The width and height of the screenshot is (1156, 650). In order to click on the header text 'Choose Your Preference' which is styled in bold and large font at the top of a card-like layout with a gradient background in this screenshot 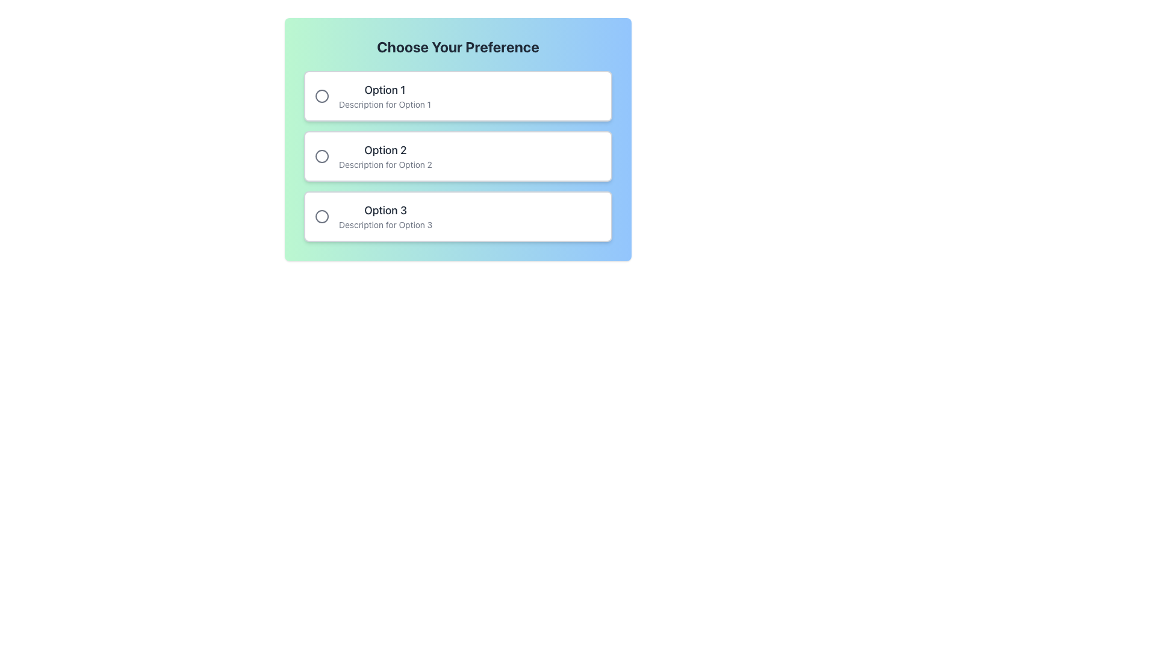, I will do `click(458, 46)`.